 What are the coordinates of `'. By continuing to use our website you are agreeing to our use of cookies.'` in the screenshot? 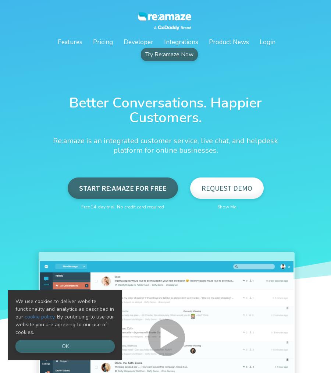 It's located at (65, 324).